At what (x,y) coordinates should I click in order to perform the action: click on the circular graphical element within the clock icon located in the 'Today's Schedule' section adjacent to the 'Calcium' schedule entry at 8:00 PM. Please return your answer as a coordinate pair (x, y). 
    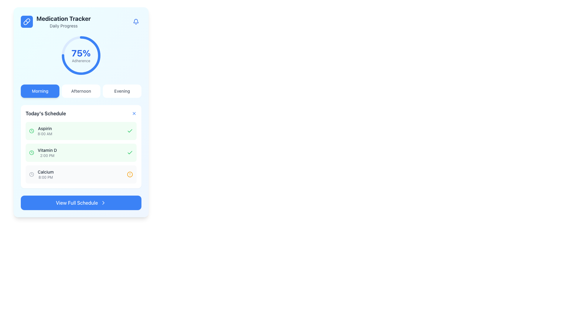
    Looking at the image, I should click on (31, 174).